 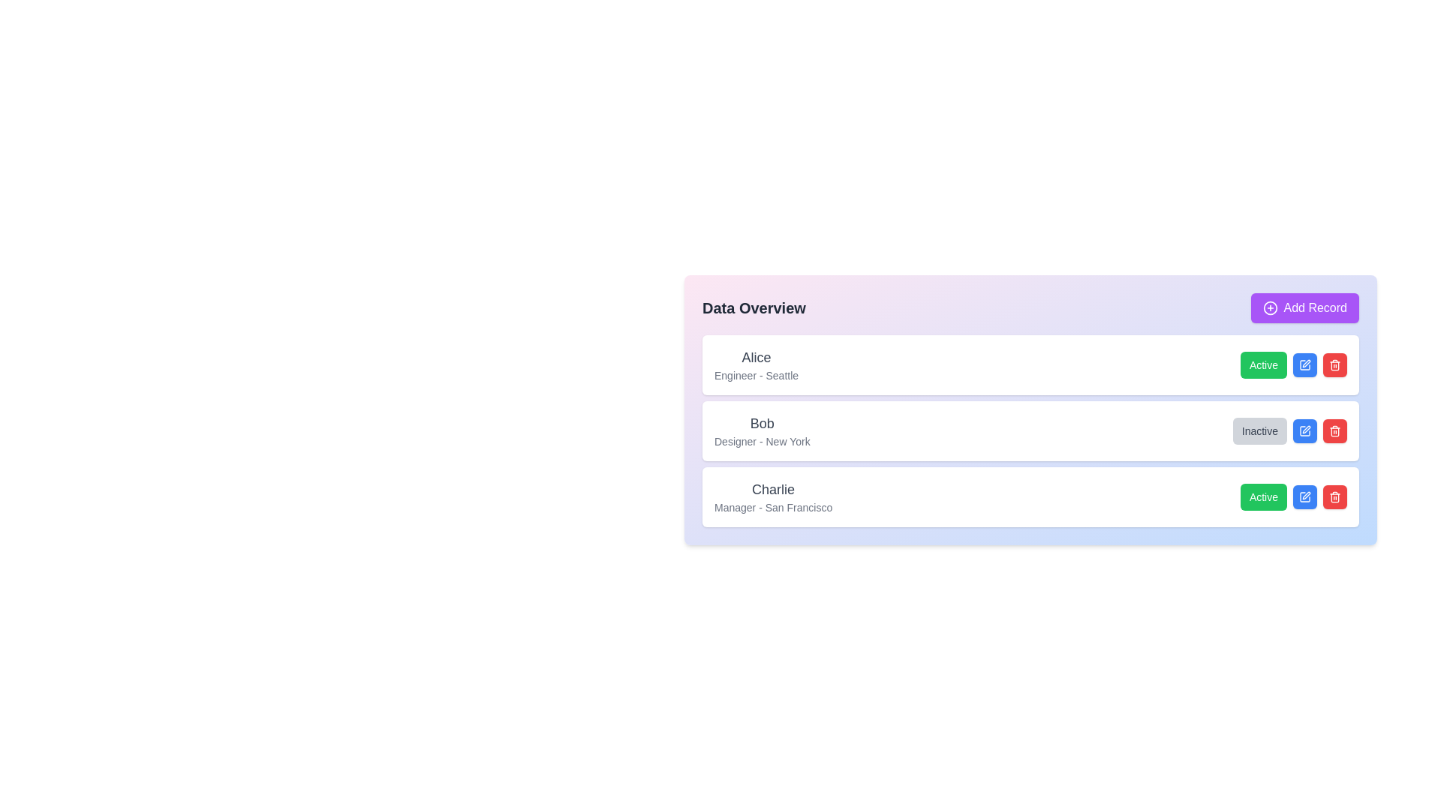 I want to click on the blue button with rounded corners and a pen icon, which is the second button in a row, to initiate an edit action, so click(x=1304, y=497).